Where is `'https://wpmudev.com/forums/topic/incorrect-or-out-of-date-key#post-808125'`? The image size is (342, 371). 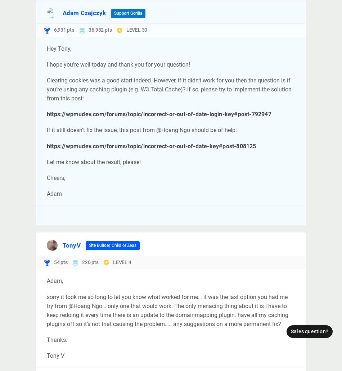
'https://wpmudev.com/forums/topic/incorrect-or-out-of-date-key#post-808125' is located at coordinates (151, 145).